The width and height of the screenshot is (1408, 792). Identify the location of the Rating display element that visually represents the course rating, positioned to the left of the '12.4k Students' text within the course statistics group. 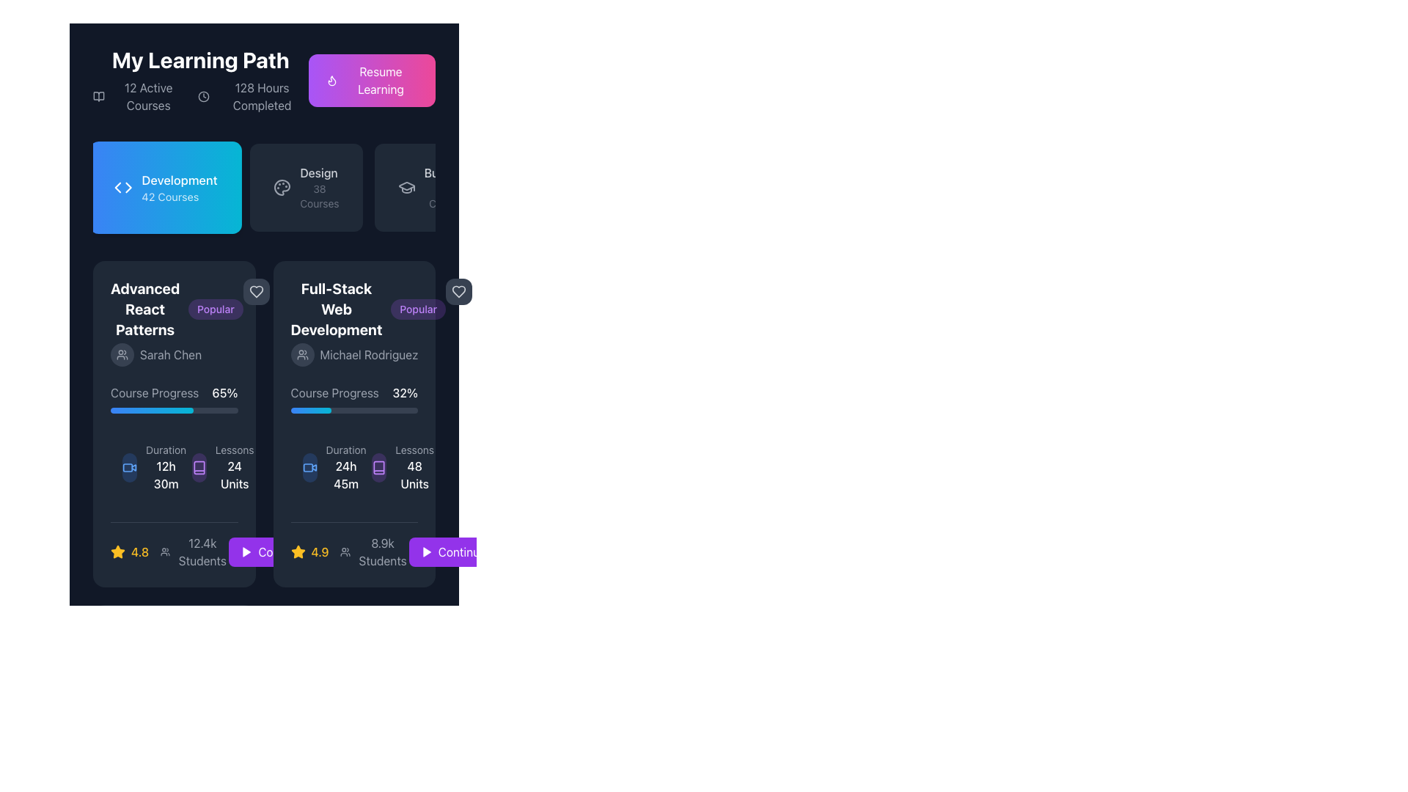
(130, 551).